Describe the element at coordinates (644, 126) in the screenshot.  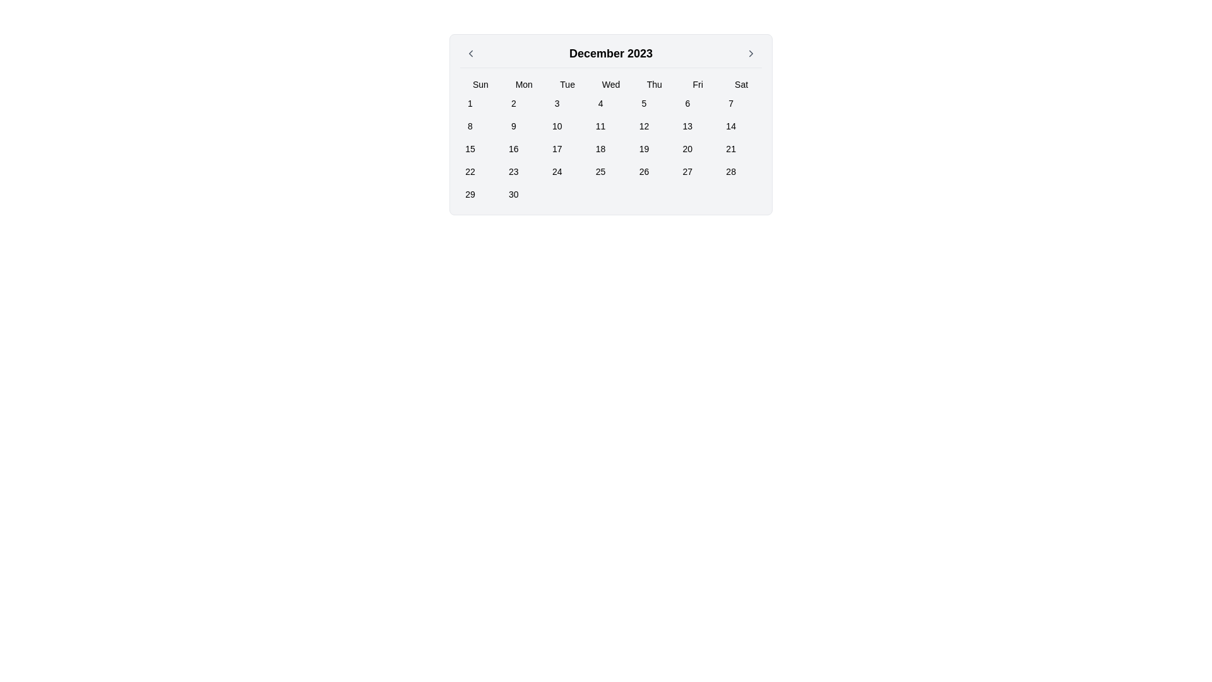
I see `the square-shaped button displaying the number '12'` at that location.